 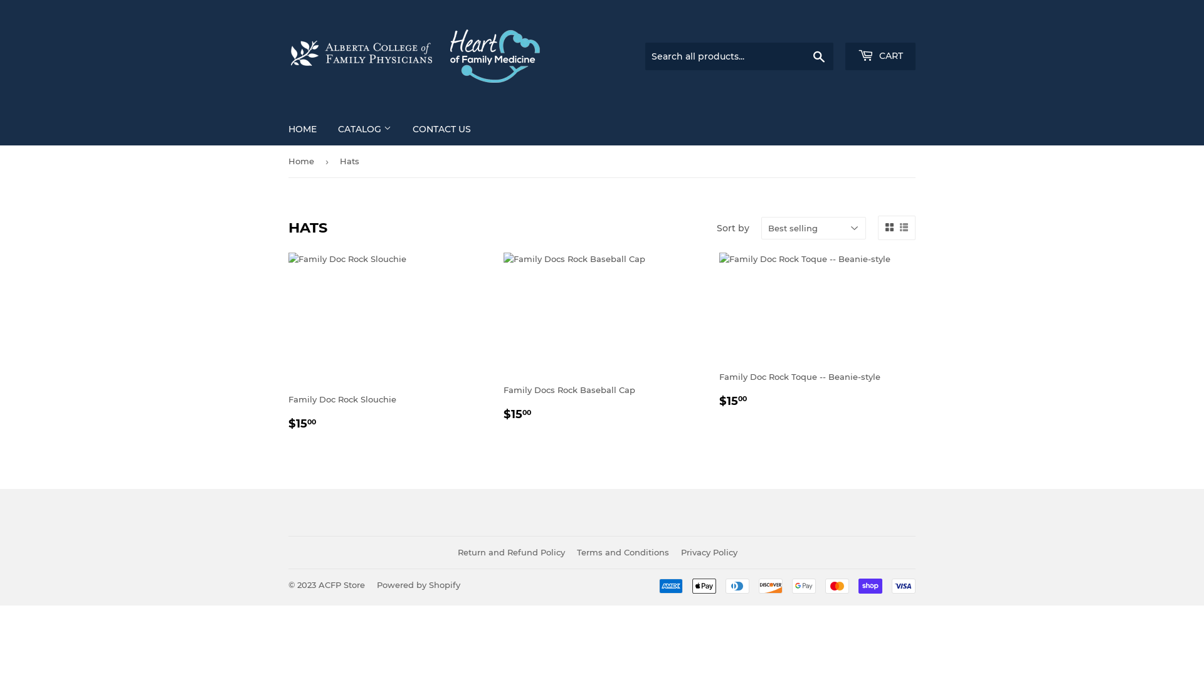 I want to click on 'Home', so click(x=288, y=160).